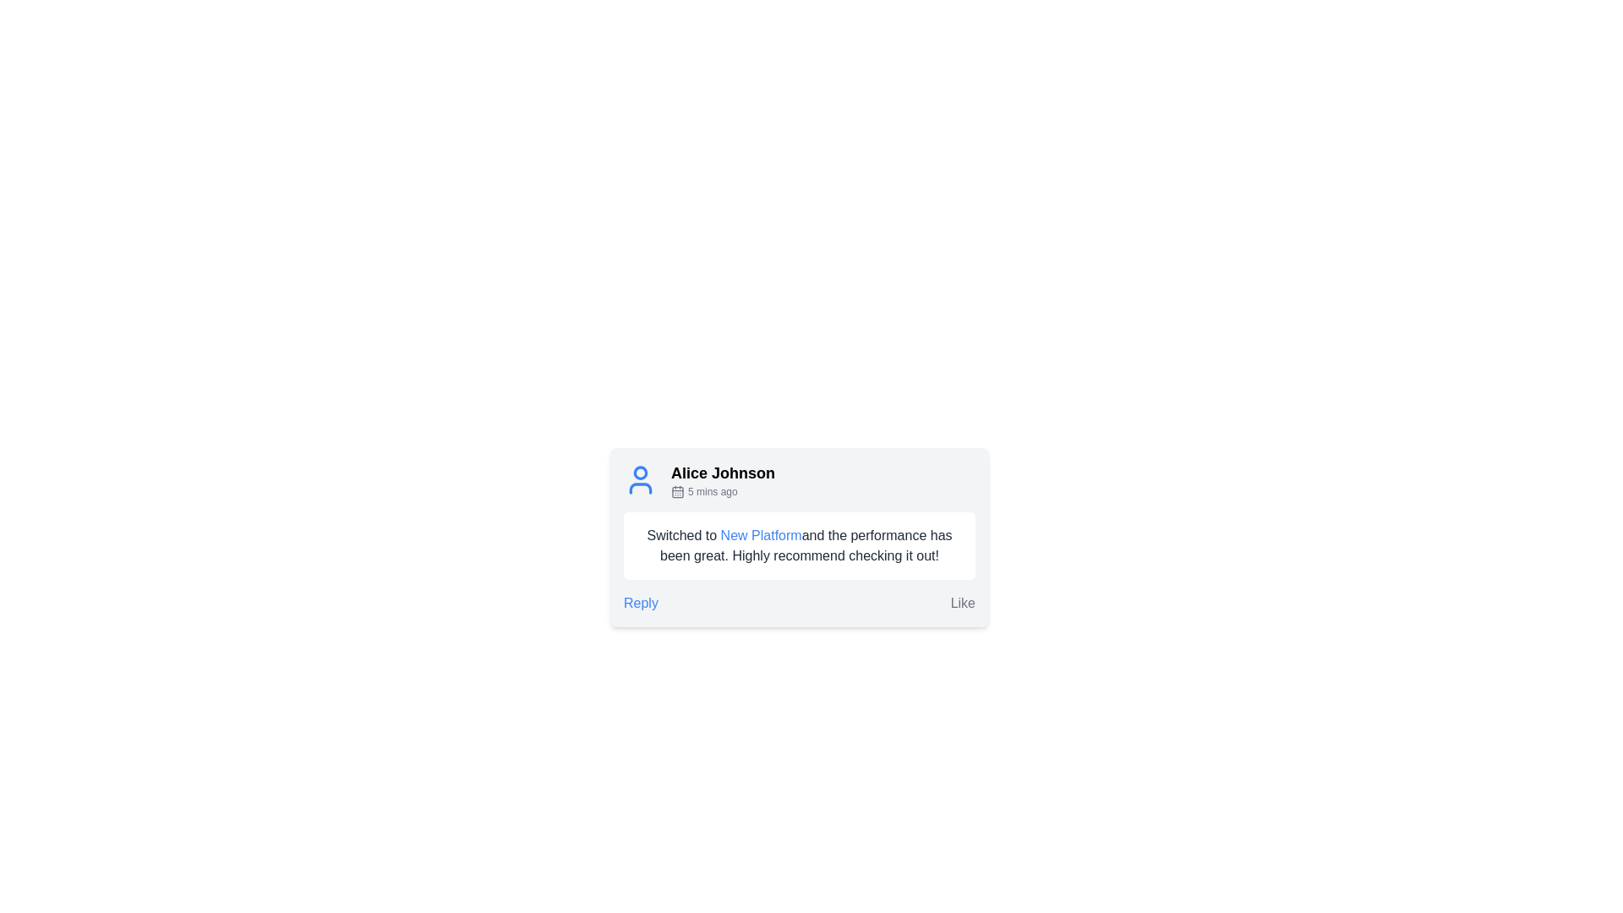  What do you see at coordinates (723, 492) in the screenshot?
I see `the timestamp text with icon located beneath the user's name 'Alice Johnson' in the user comment card` at bounding box center [723, 492].